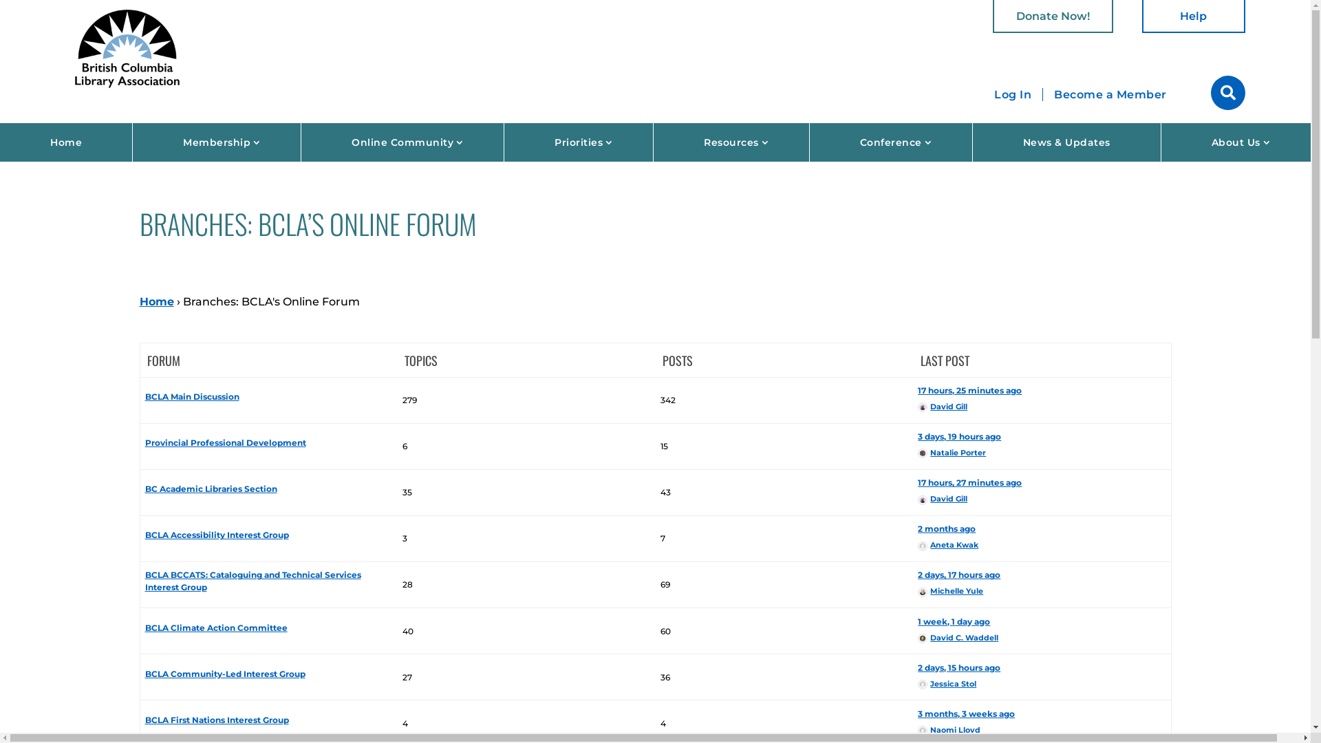 The width and height of the screenshot is (1321, 743). What do you see at coordinates (1142, 16) in the screenshot?
I see `'Help'` at bounding box center [1142, 16].